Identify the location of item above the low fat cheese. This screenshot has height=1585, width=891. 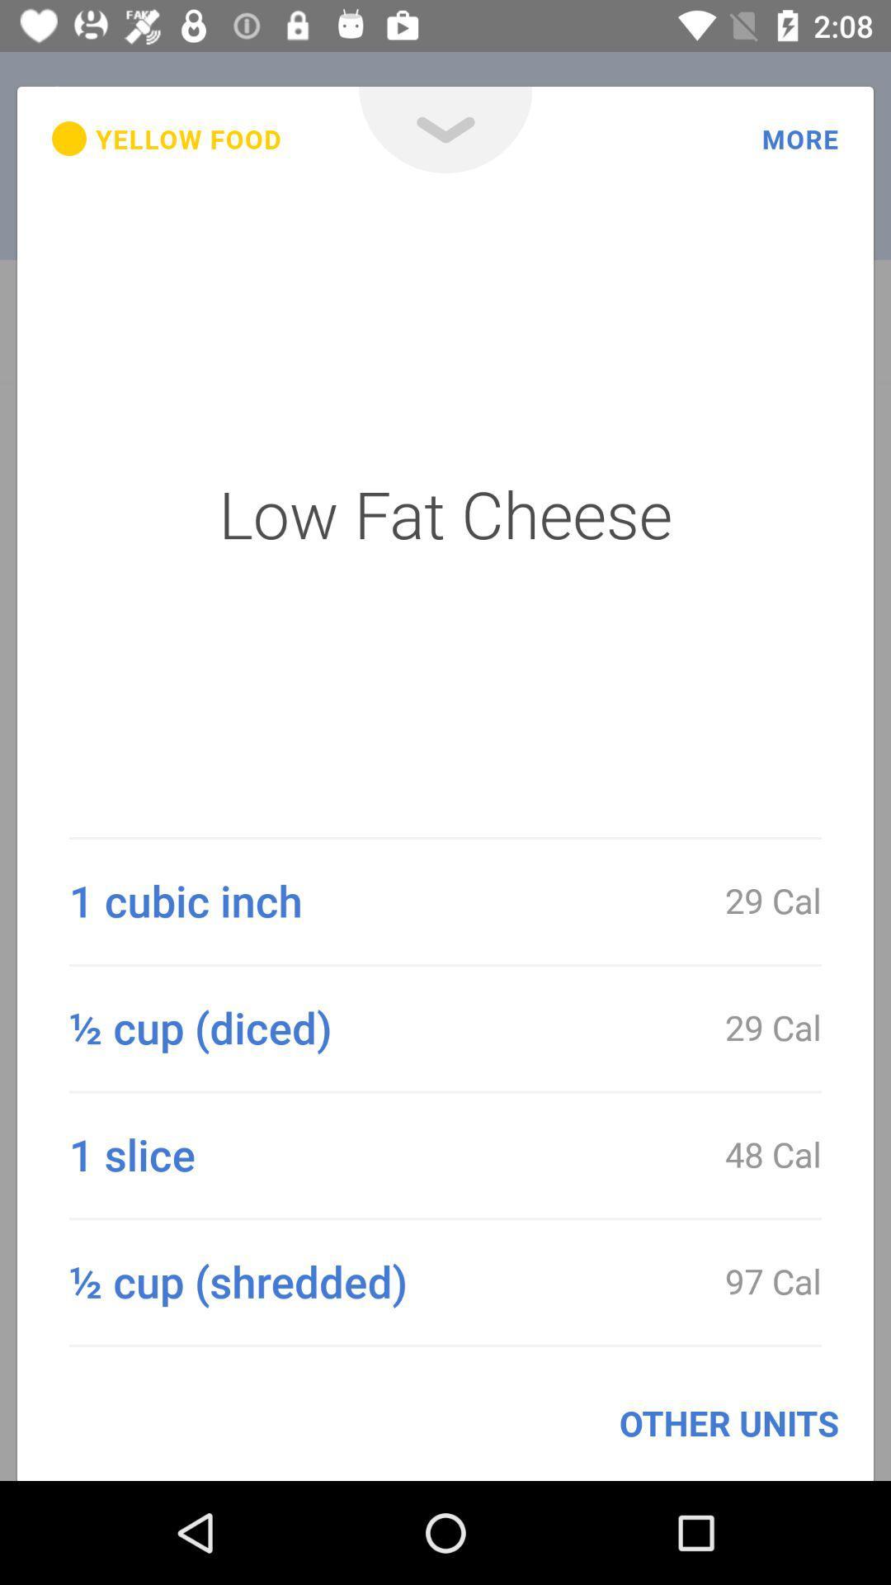
(167, 139).